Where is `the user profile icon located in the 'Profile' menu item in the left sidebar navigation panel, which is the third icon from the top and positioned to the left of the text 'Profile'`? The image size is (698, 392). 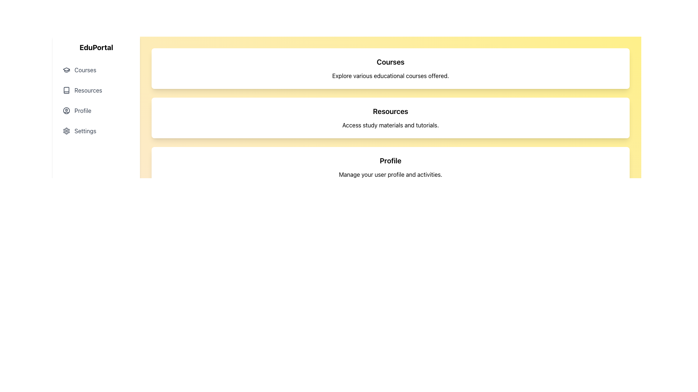 the user profile icon located in the 'Profile' menu item in the left sidebar navigation panel, which is the third icon from the top and positioned to the left of the text 'Profile' is located at coordinates (66, 110).